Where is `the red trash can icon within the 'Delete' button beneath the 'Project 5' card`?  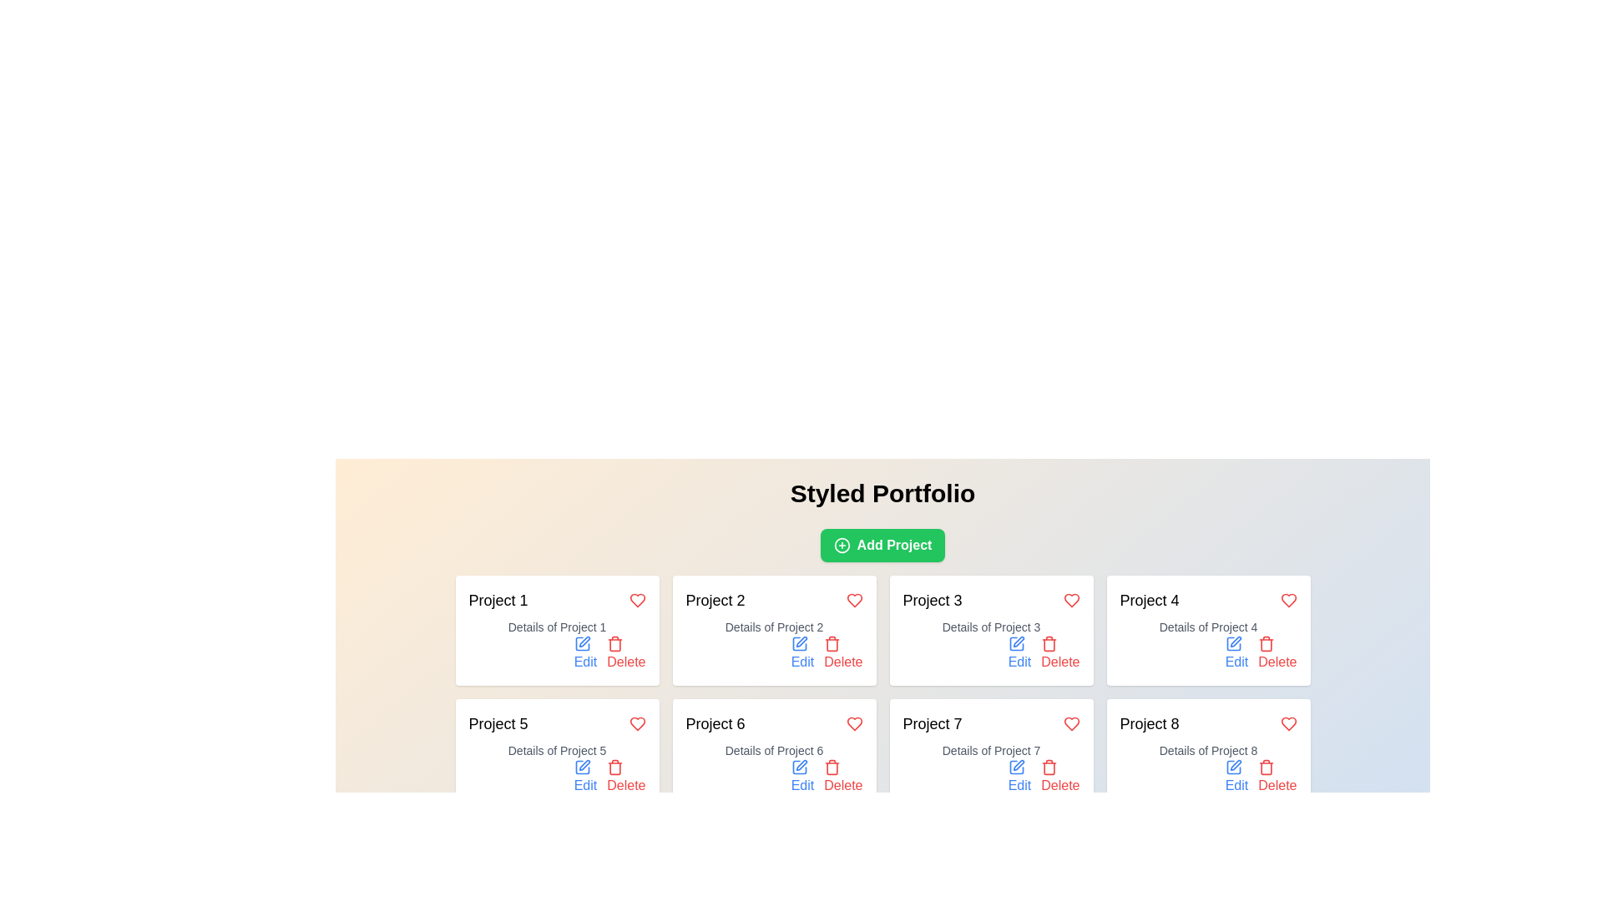 the red trash can icon within the 'Delete' button beneath the 'Project 5' card is located at coordinates (614, 768).